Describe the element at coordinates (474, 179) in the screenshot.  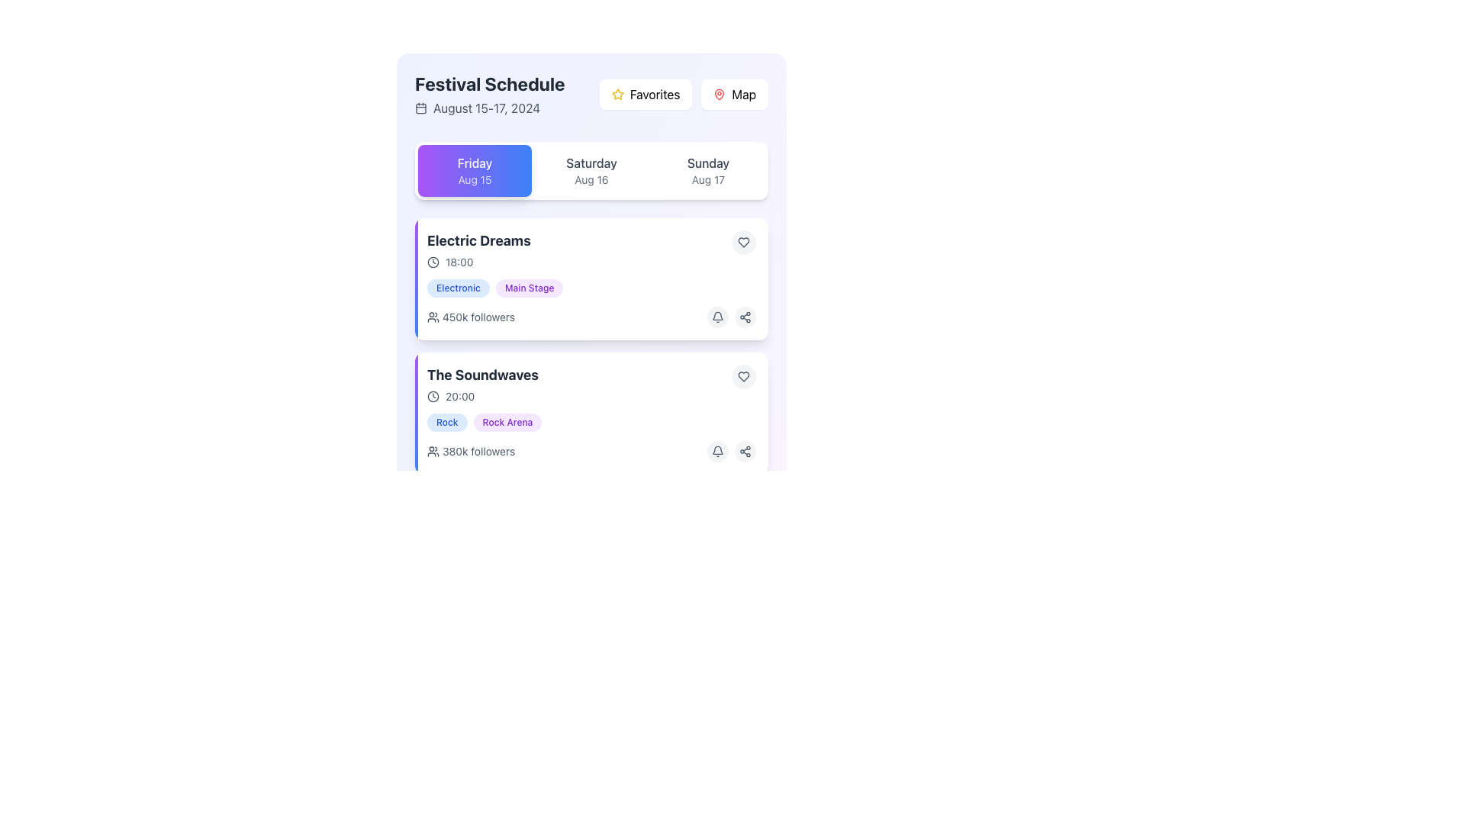
I see `the text label 'Aug 15' located within the button labeled 'Friday', which has a gradient background and is situated below the heading 'Friday'` at that location.